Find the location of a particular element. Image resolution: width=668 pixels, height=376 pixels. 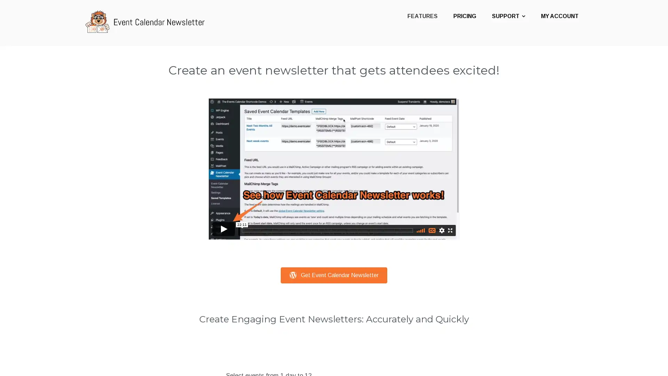

Get Event Calendar Newsletter is located at coordinates (334, 275).